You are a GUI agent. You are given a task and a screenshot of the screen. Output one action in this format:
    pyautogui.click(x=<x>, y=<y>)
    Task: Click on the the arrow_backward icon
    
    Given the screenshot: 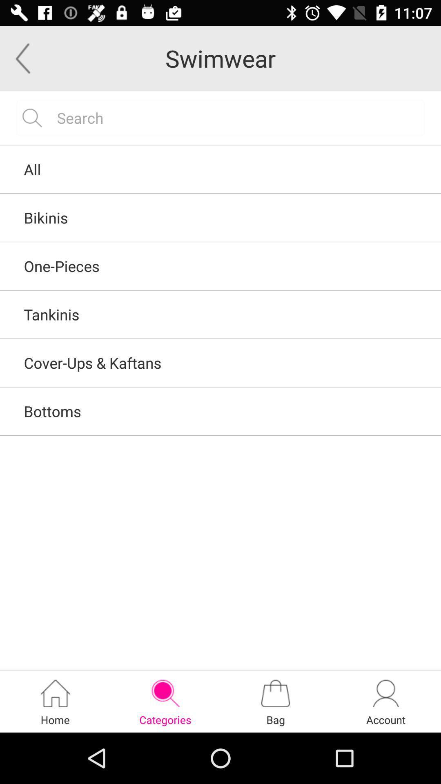 What is the action you would take?
    pyautogui.click(x=22, y=58)
    